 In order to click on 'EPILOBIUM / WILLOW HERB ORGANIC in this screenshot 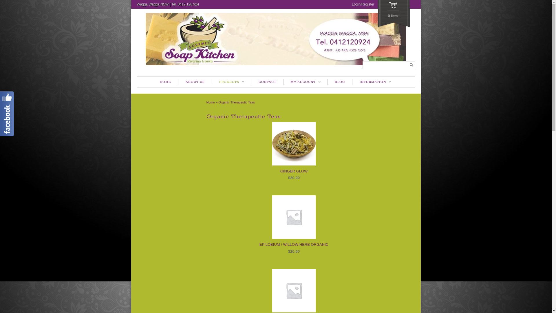, I will do `click(294, 225)`.